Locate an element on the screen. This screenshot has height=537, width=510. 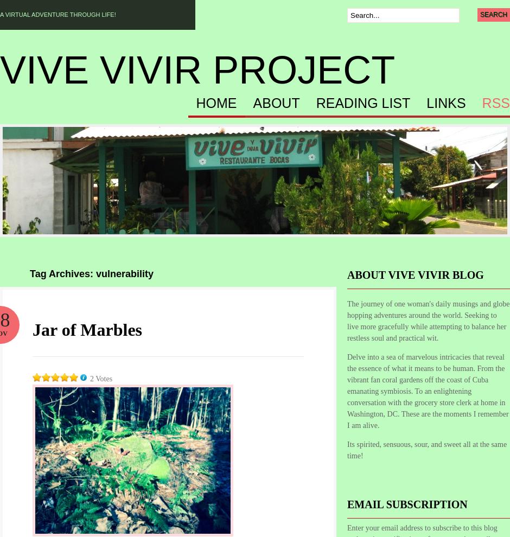
'About Vive Vivir Blog' is located at coordinates (415, 274).